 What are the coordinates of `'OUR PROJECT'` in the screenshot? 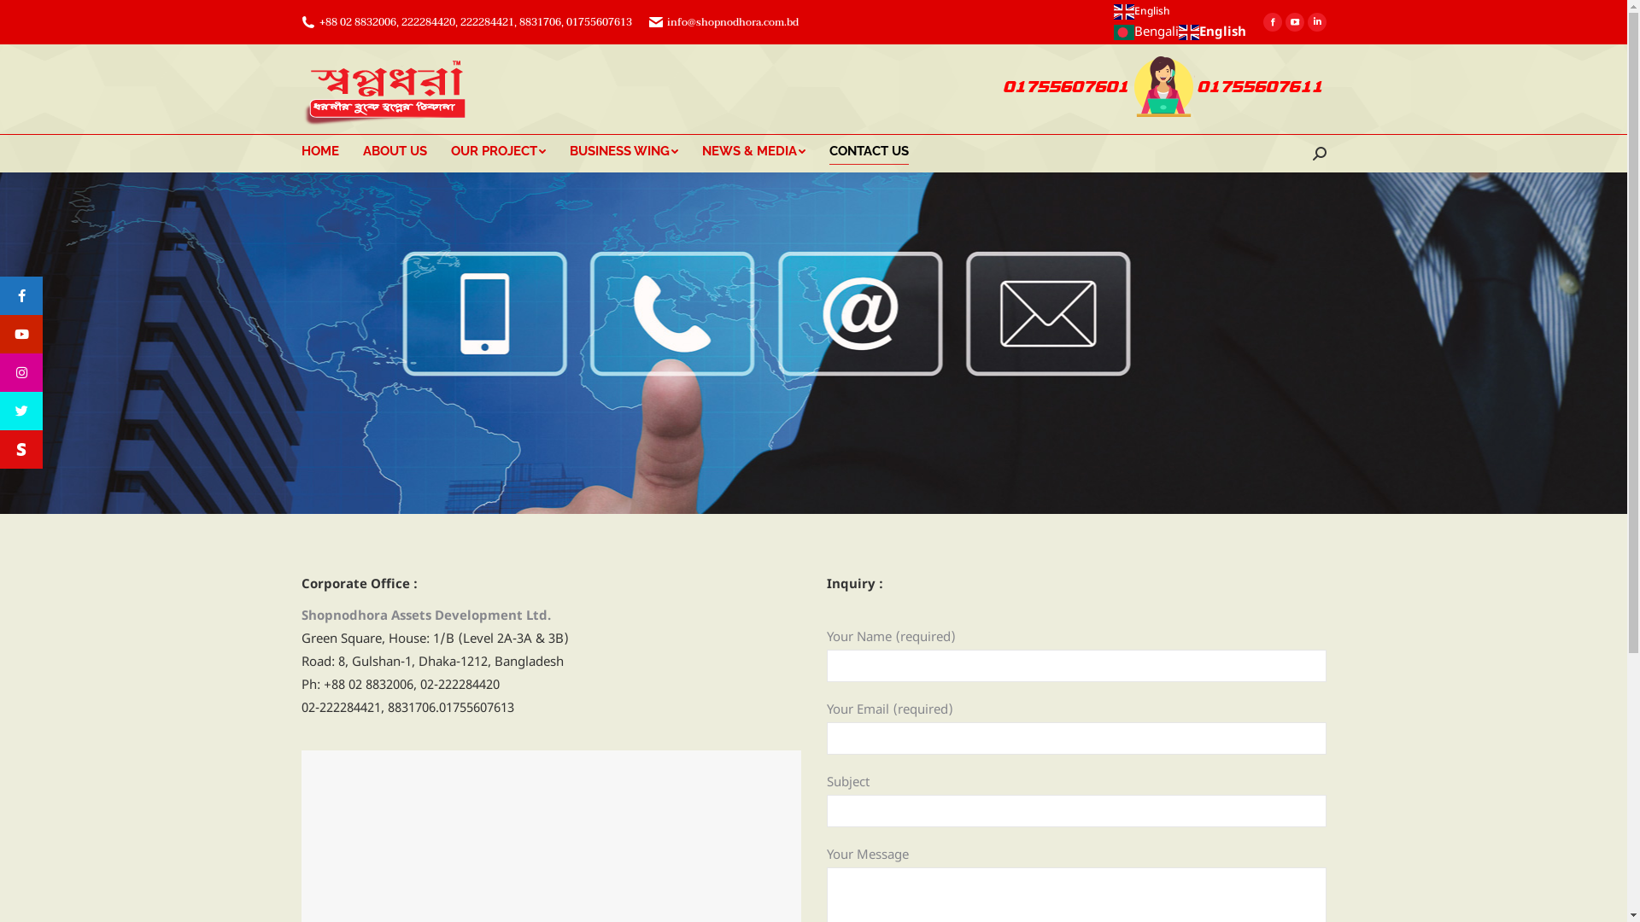 It's located at (509, 150).